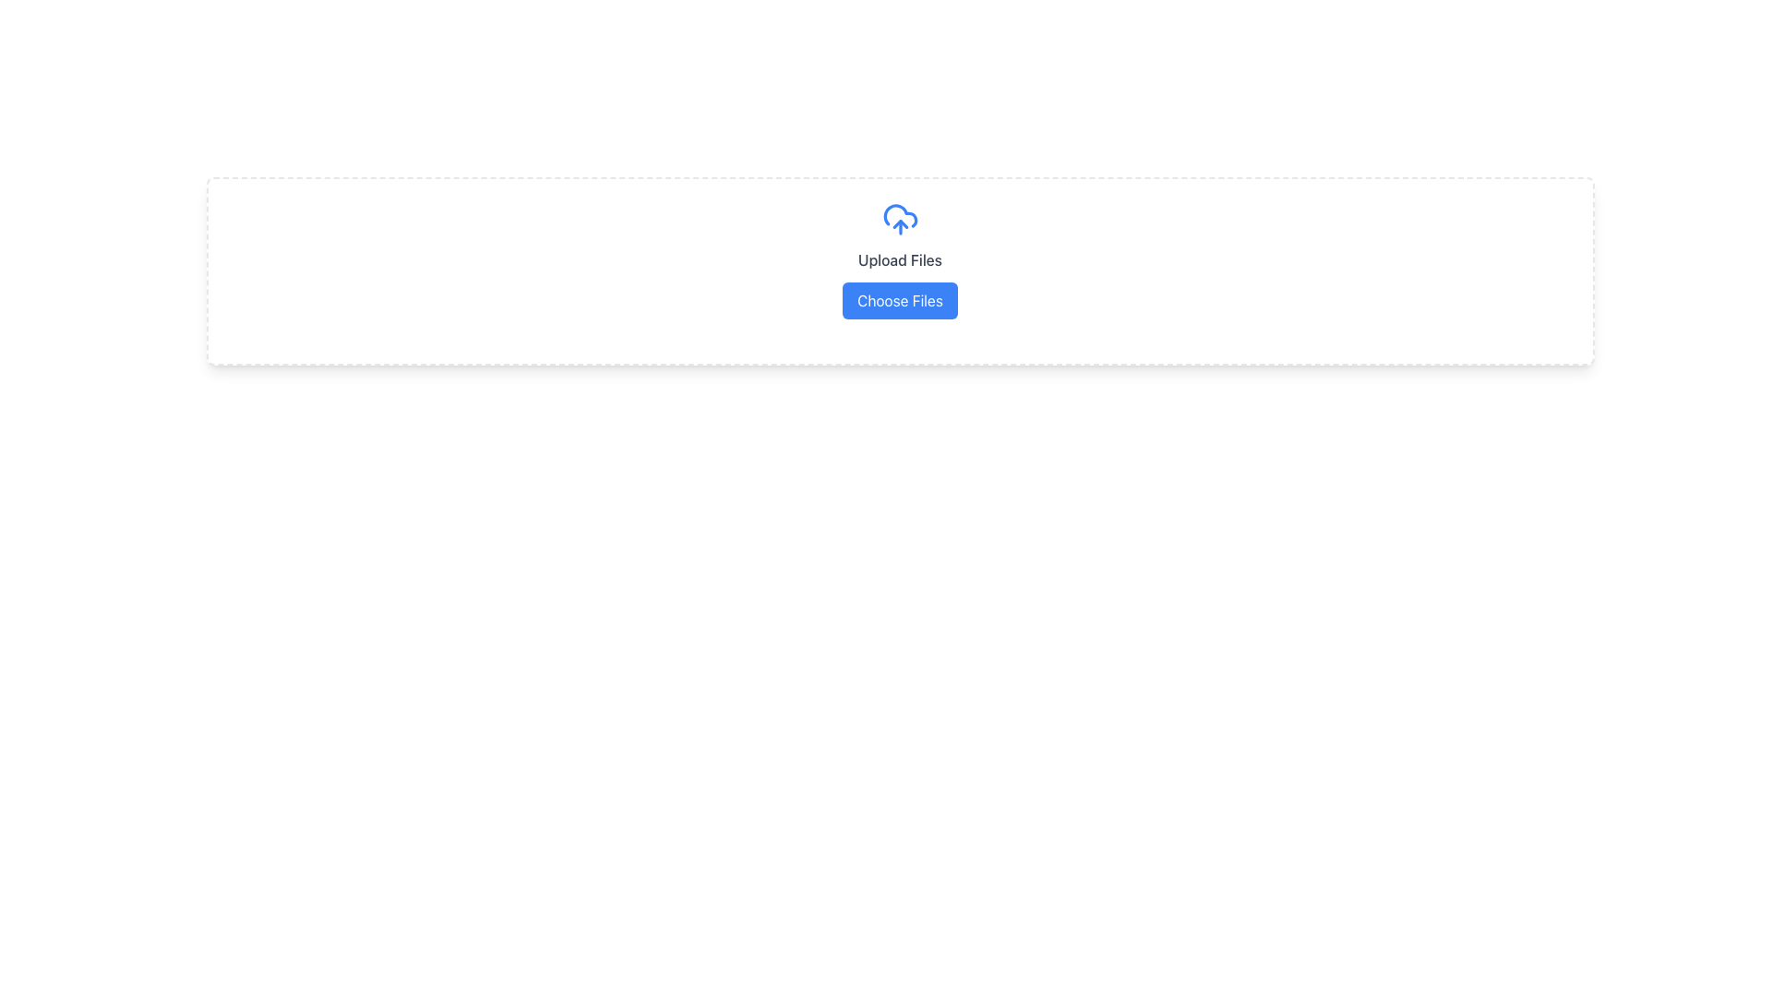  What do you see at coordinates (900, 300) in the screenshot?
I see `the button located below the 'Upload Files' label` at bounding box center [900, 300].